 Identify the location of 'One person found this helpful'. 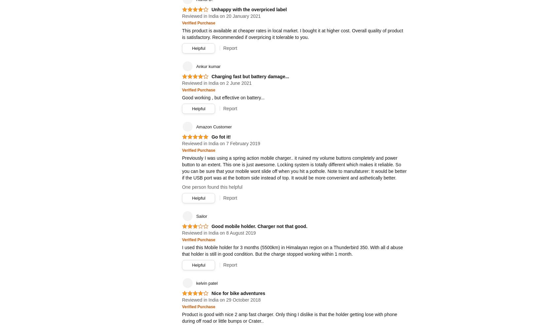
(212, 186).